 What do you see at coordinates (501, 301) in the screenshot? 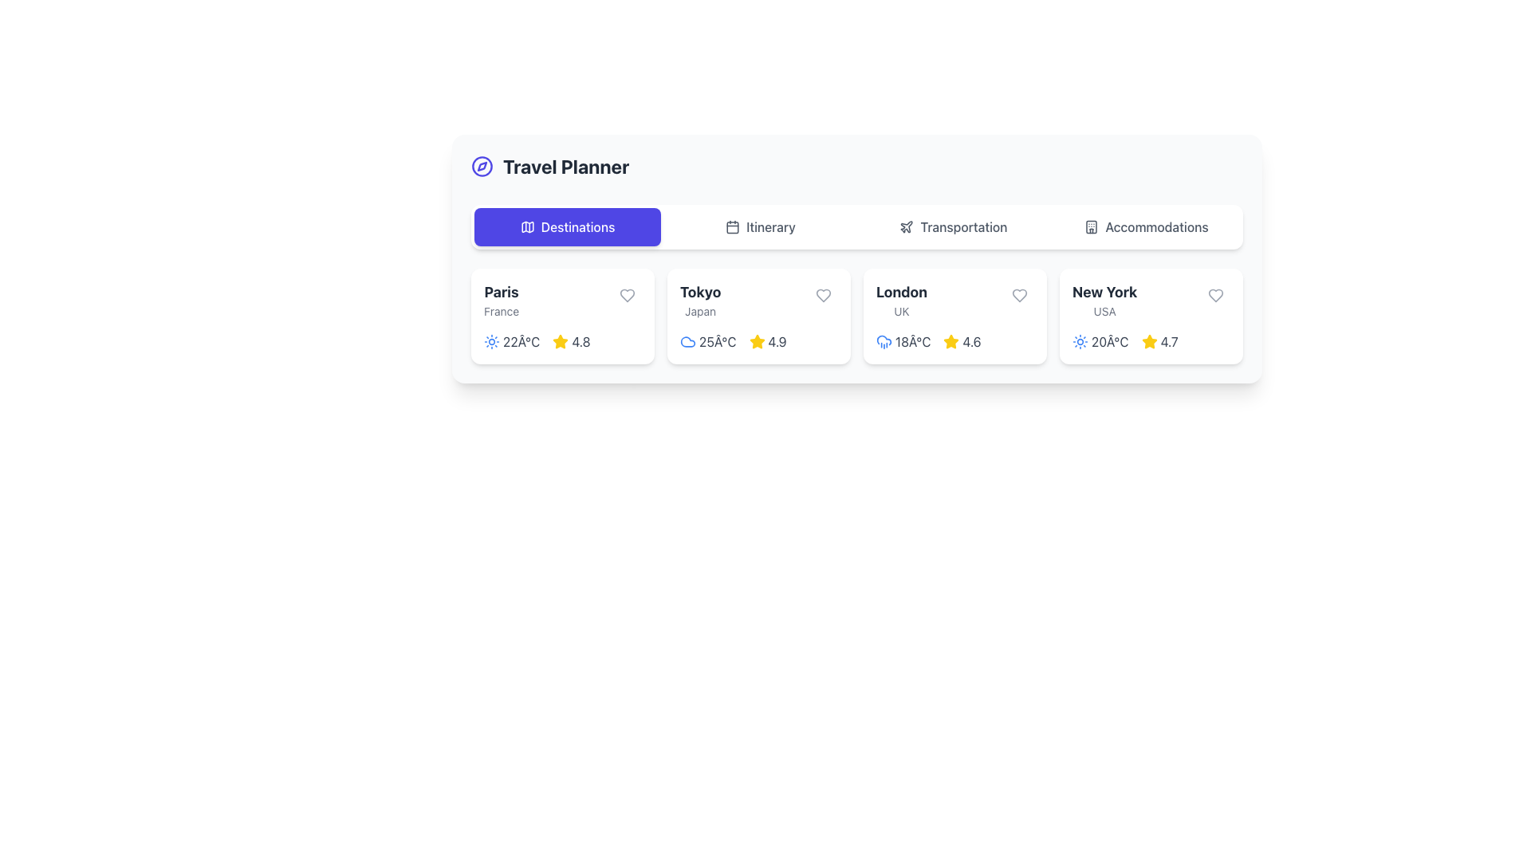
I see `the Text Label that displays the name of a destination, positioned at the top-left corner of its group within a form` at bounding box center [501, 301].